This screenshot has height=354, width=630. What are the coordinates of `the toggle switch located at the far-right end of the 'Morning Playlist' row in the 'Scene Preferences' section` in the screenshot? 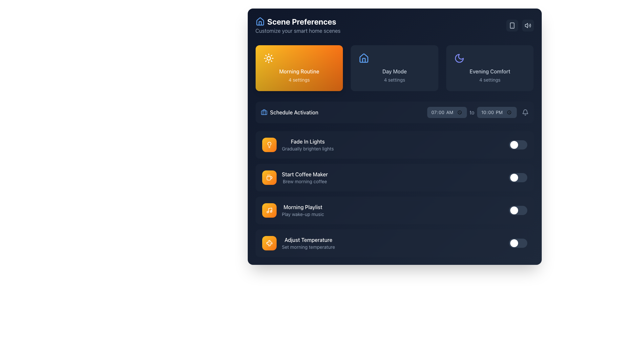 It's located at (517, 210).